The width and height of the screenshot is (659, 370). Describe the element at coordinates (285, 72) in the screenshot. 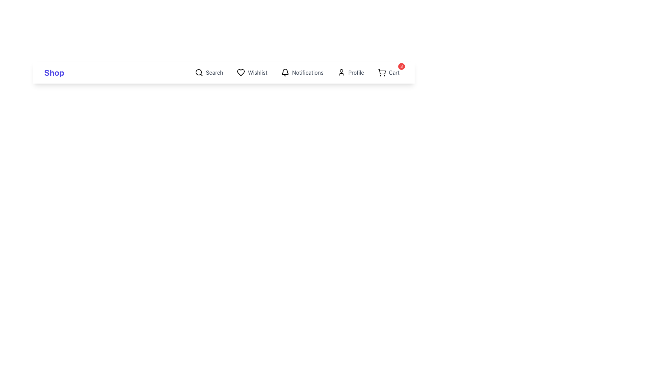

I see `the hollow bell icon representing notifications, located centrally in the notification icon group between 'Wishlist' and 'Profile'` at that location.